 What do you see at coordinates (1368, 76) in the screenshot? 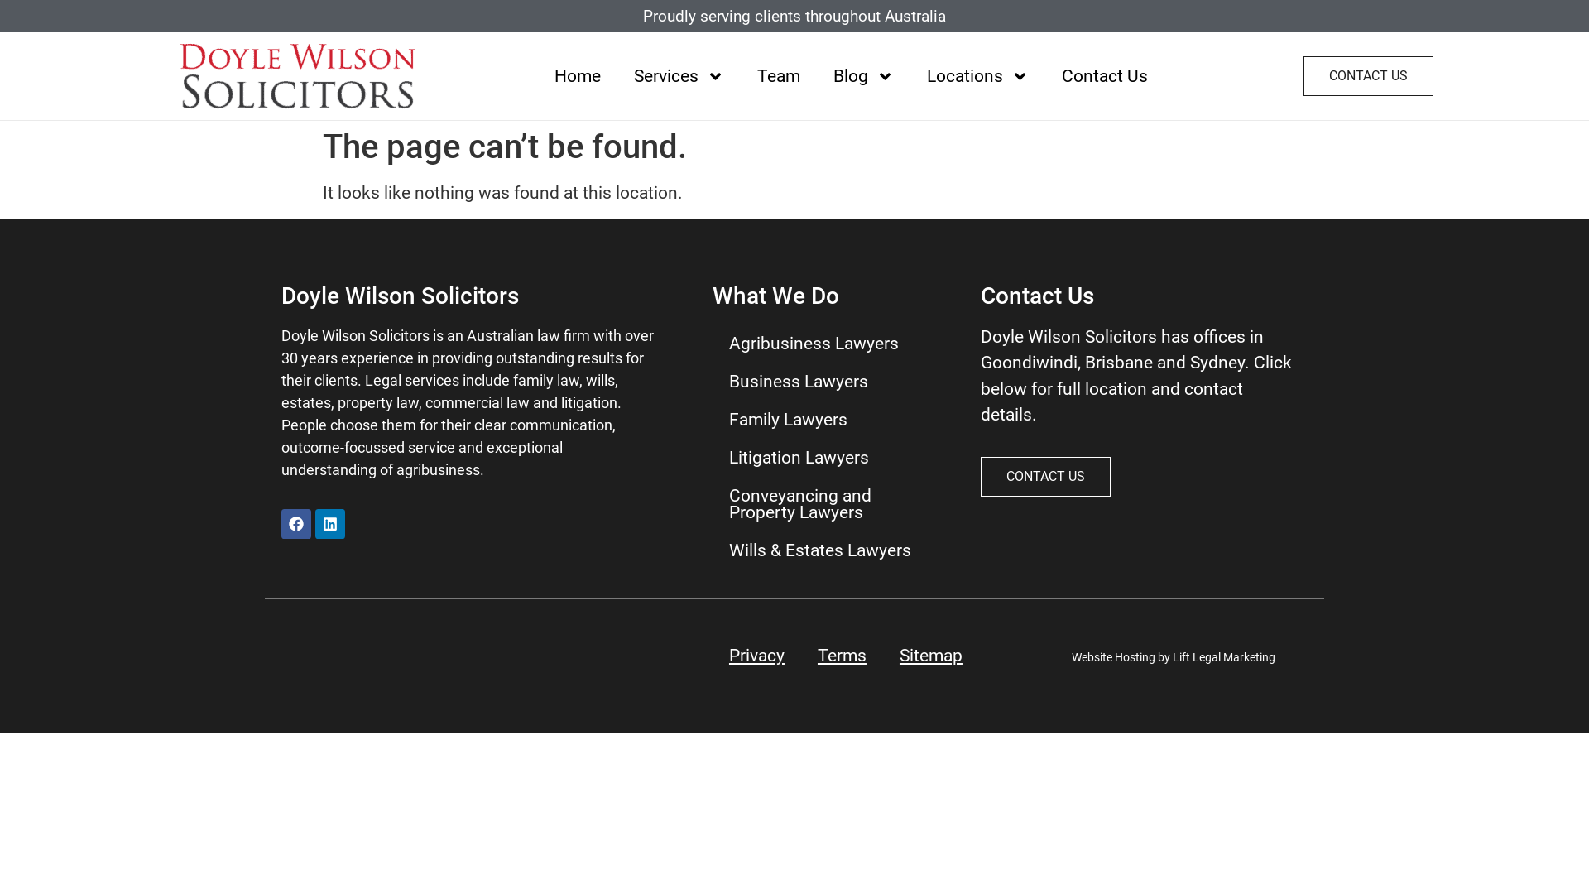
I see `'CONTACT US'` at bounding box center [1368, 76].